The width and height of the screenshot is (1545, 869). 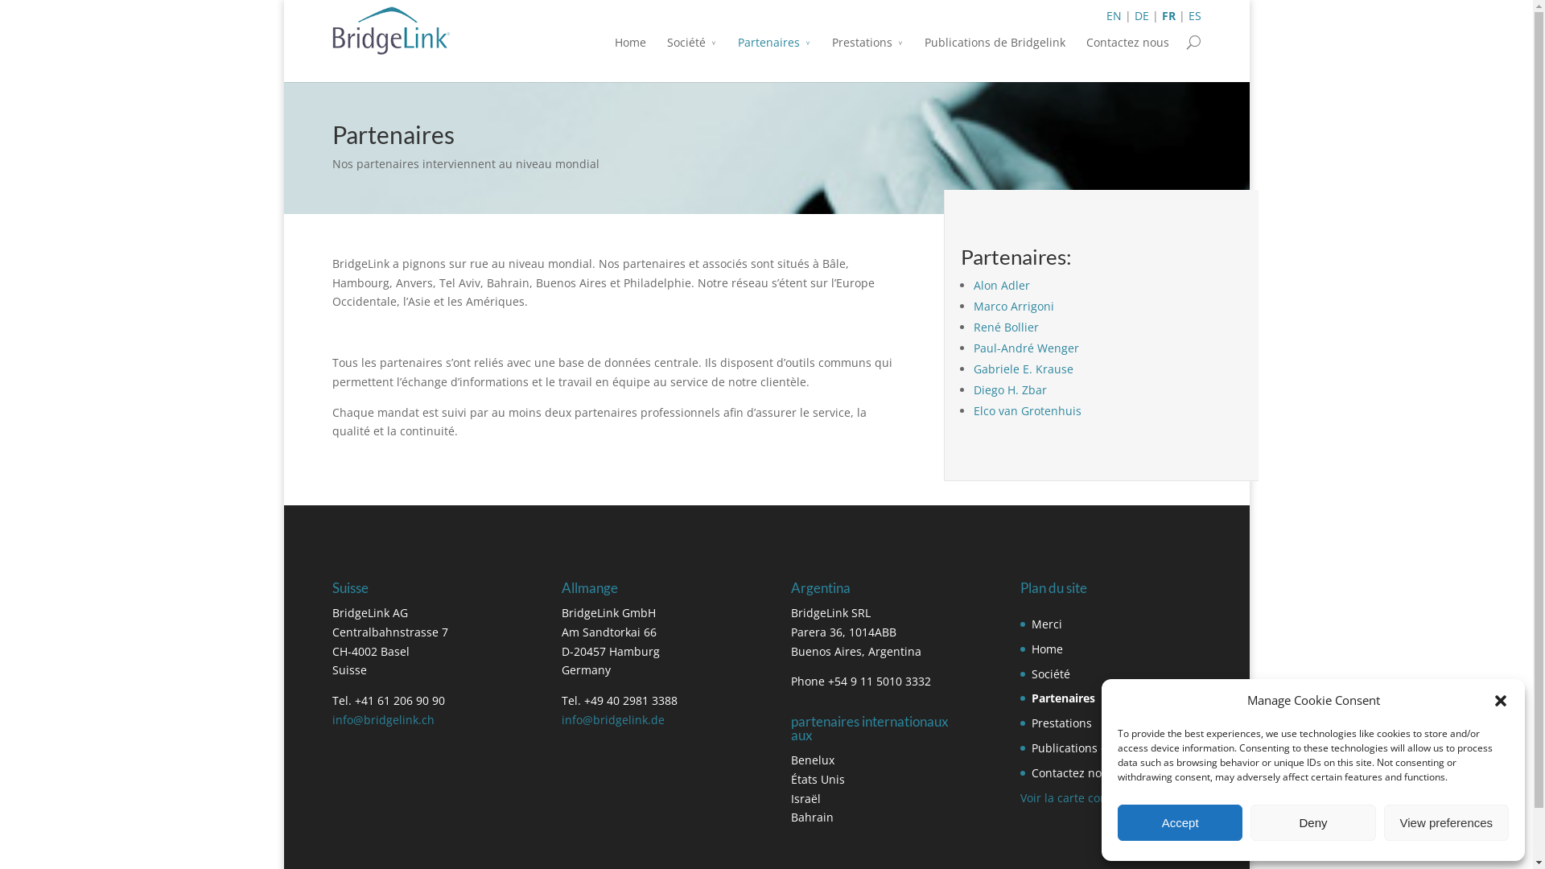 I want to click on 'Publications de Bridgelink', so click(x=1101, y=748).